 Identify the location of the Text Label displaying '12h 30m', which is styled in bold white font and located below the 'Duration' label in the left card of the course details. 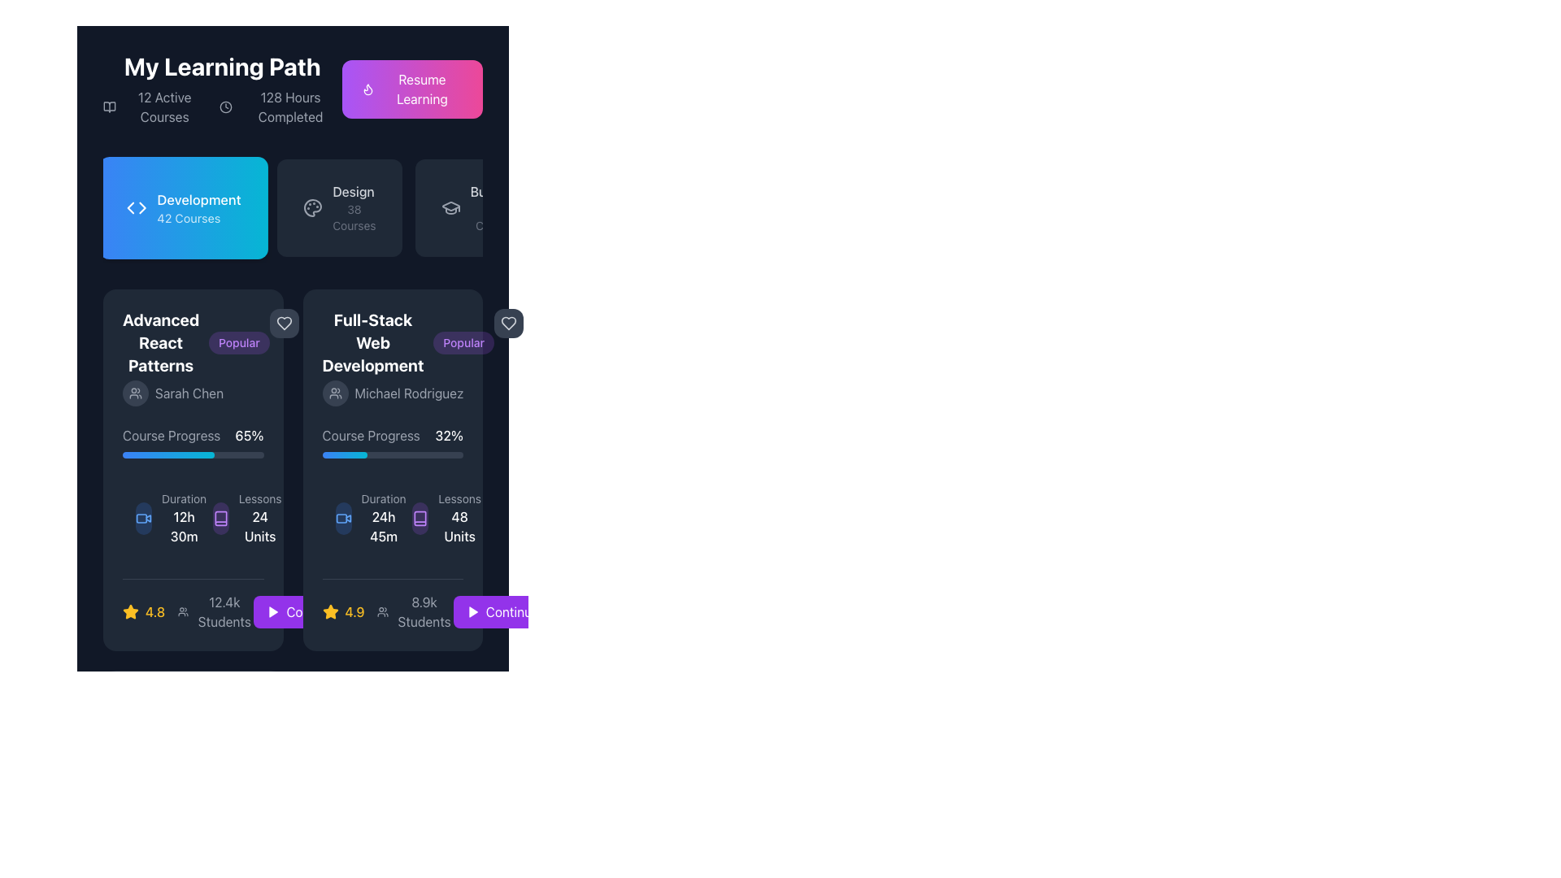
(184, 527).